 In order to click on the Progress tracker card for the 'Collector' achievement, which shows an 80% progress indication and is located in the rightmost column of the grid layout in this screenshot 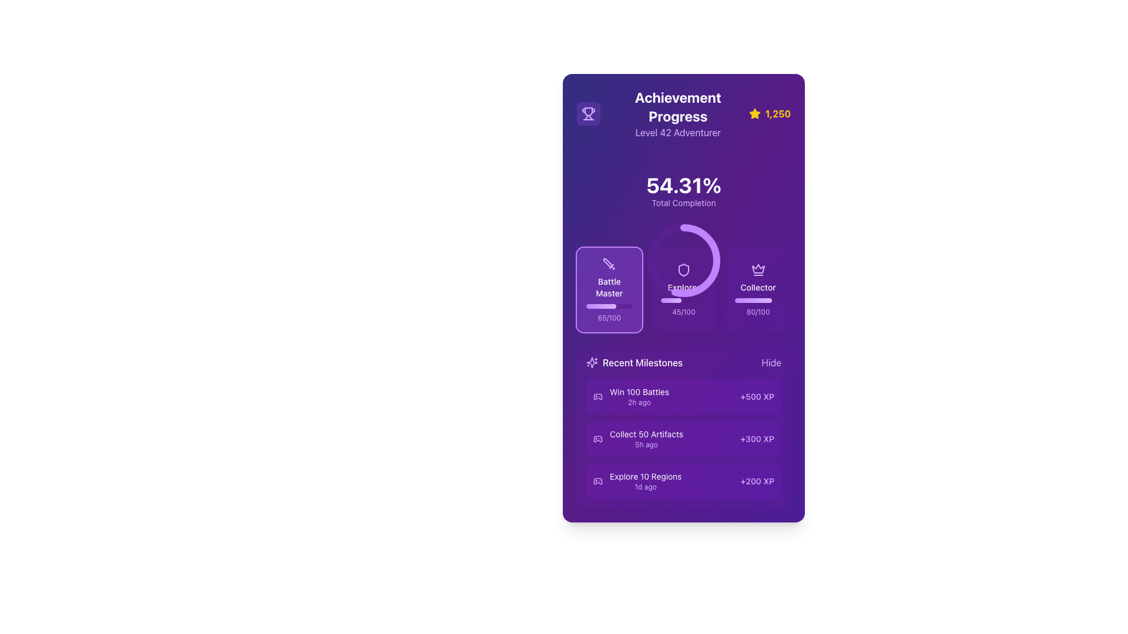, I will do `click(758, 289)`.